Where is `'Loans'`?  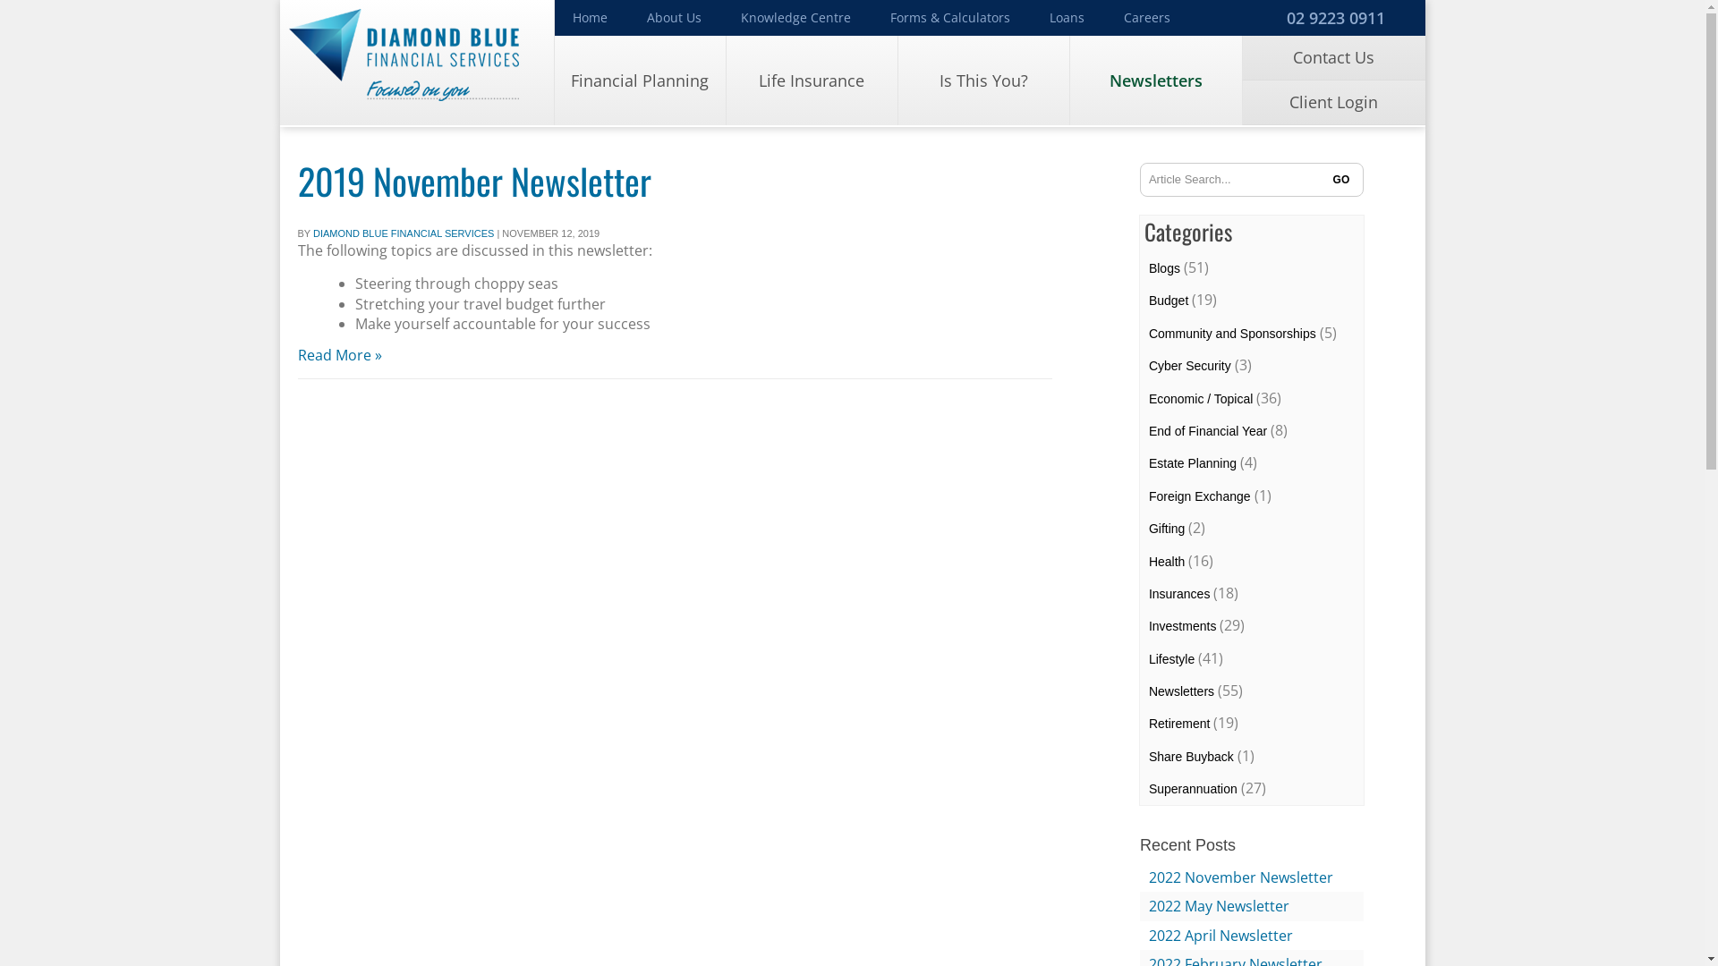 'Loans' is located at coordinates (1067, 17).